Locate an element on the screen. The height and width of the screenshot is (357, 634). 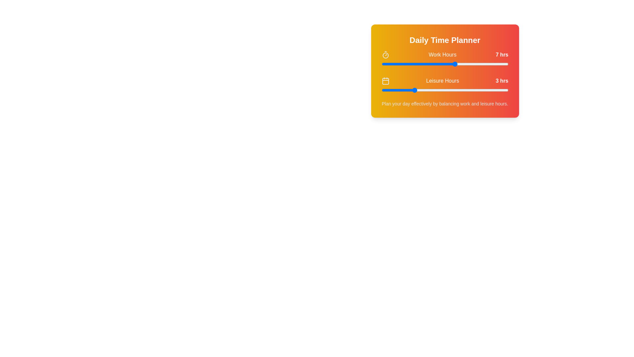
the Decorative icon component, which is a golden yellow square with rounded corners and a white outline, located at the center of the calendar icon in the Daily Time Planner interface is located at coordinates (385, 81).